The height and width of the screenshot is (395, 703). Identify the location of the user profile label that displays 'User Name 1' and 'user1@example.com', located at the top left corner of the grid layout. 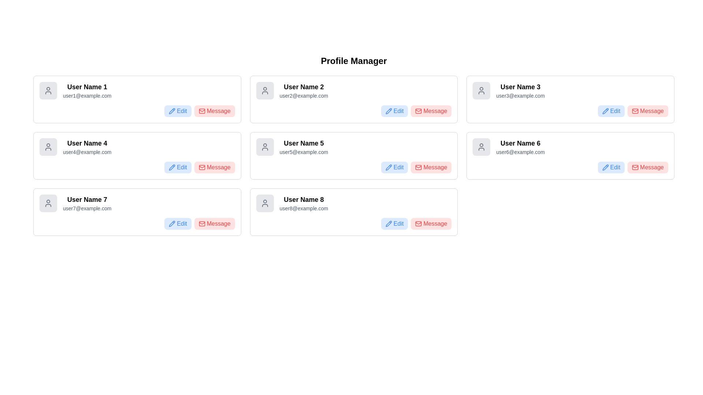
(87, 90).